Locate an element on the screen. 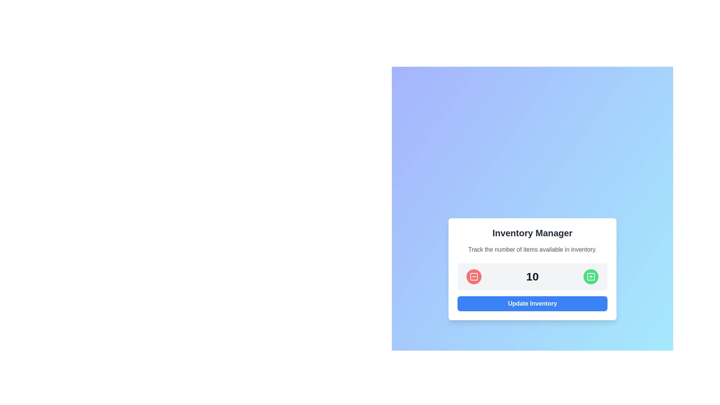 This screenshot has width=720, height=405. the decrement icon button located in the leftmost section of a horizontal pair of interactive icons beneath the main content to interact with it is located at coordinates (473, 276).